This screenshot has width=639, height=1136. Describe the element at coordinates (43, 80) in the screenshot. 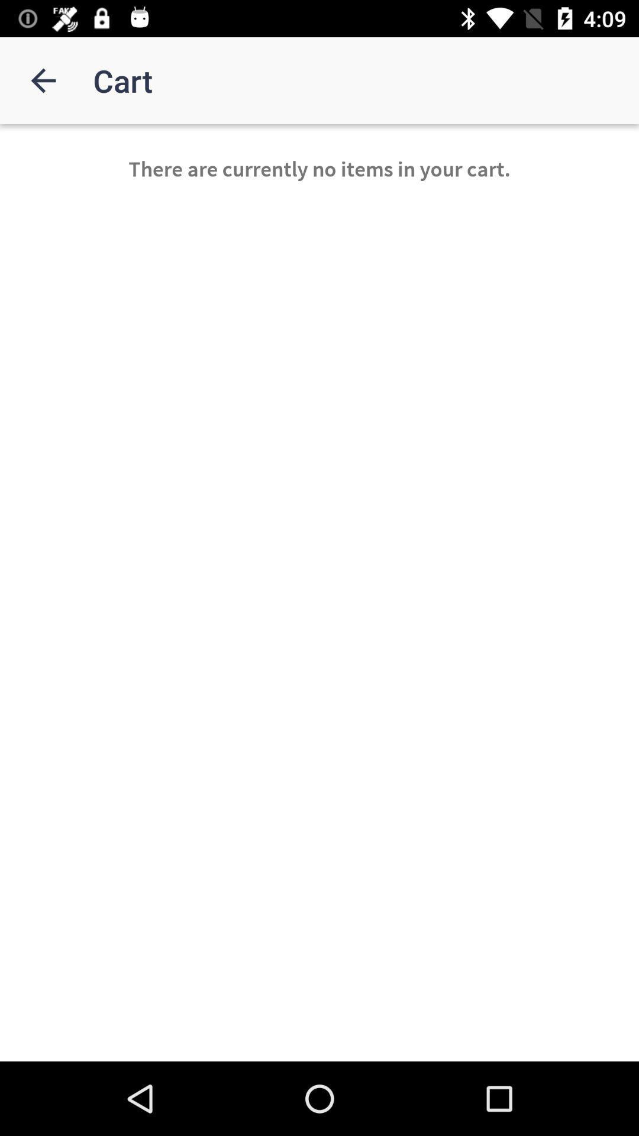

I see `the icon above there are currently` at that location.